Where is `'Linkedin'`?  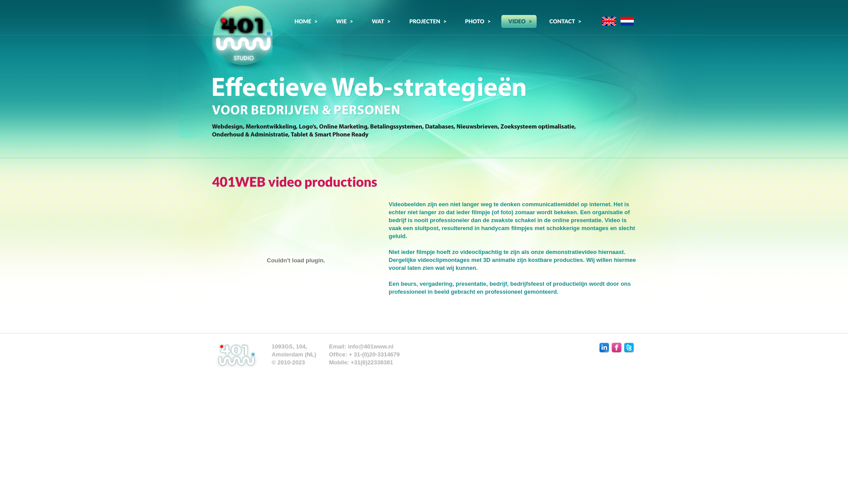
'Linkedin' is located at coordinates (604, 347).